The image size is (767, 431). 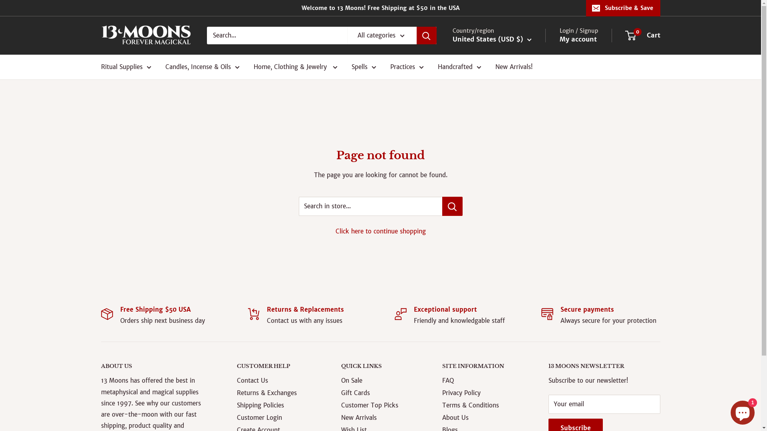 I want to click on 'AT', so click(x=485, y=65).